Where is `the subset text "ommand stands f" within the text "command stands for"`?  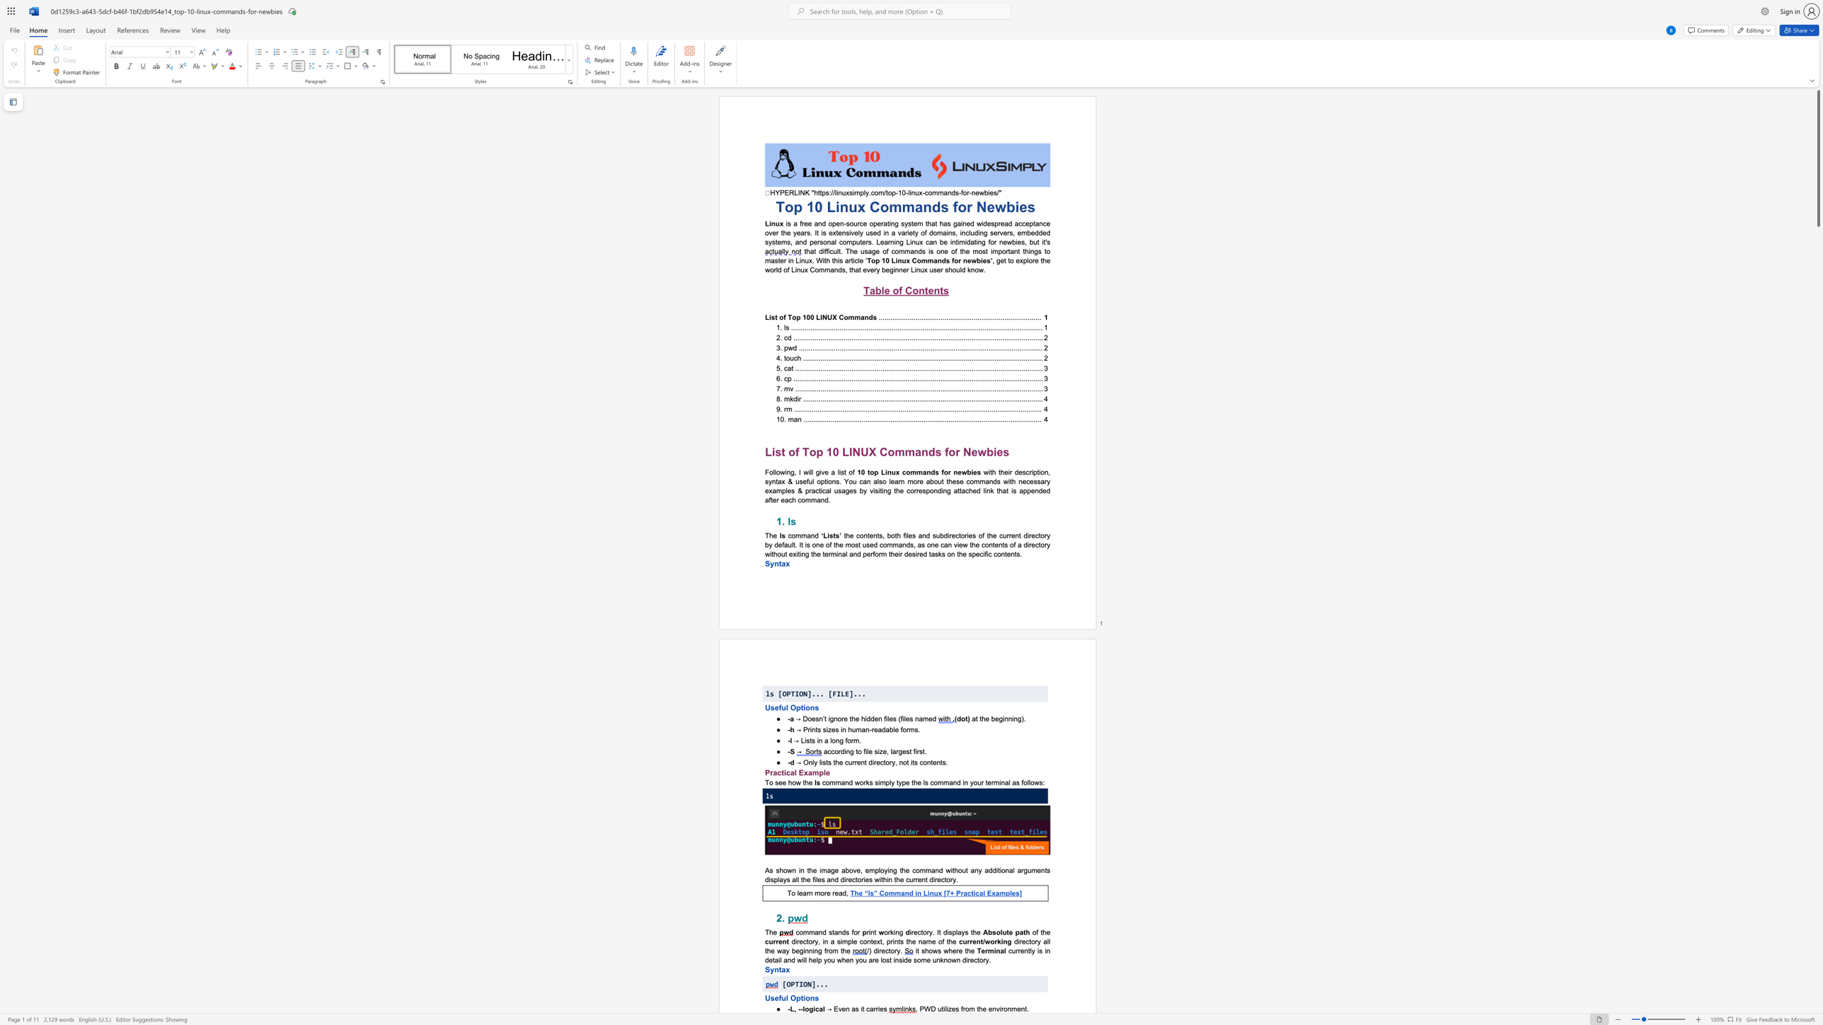
the subset text "ommand stands f" within the text "command stands for" is located at coordinates (798, 932).